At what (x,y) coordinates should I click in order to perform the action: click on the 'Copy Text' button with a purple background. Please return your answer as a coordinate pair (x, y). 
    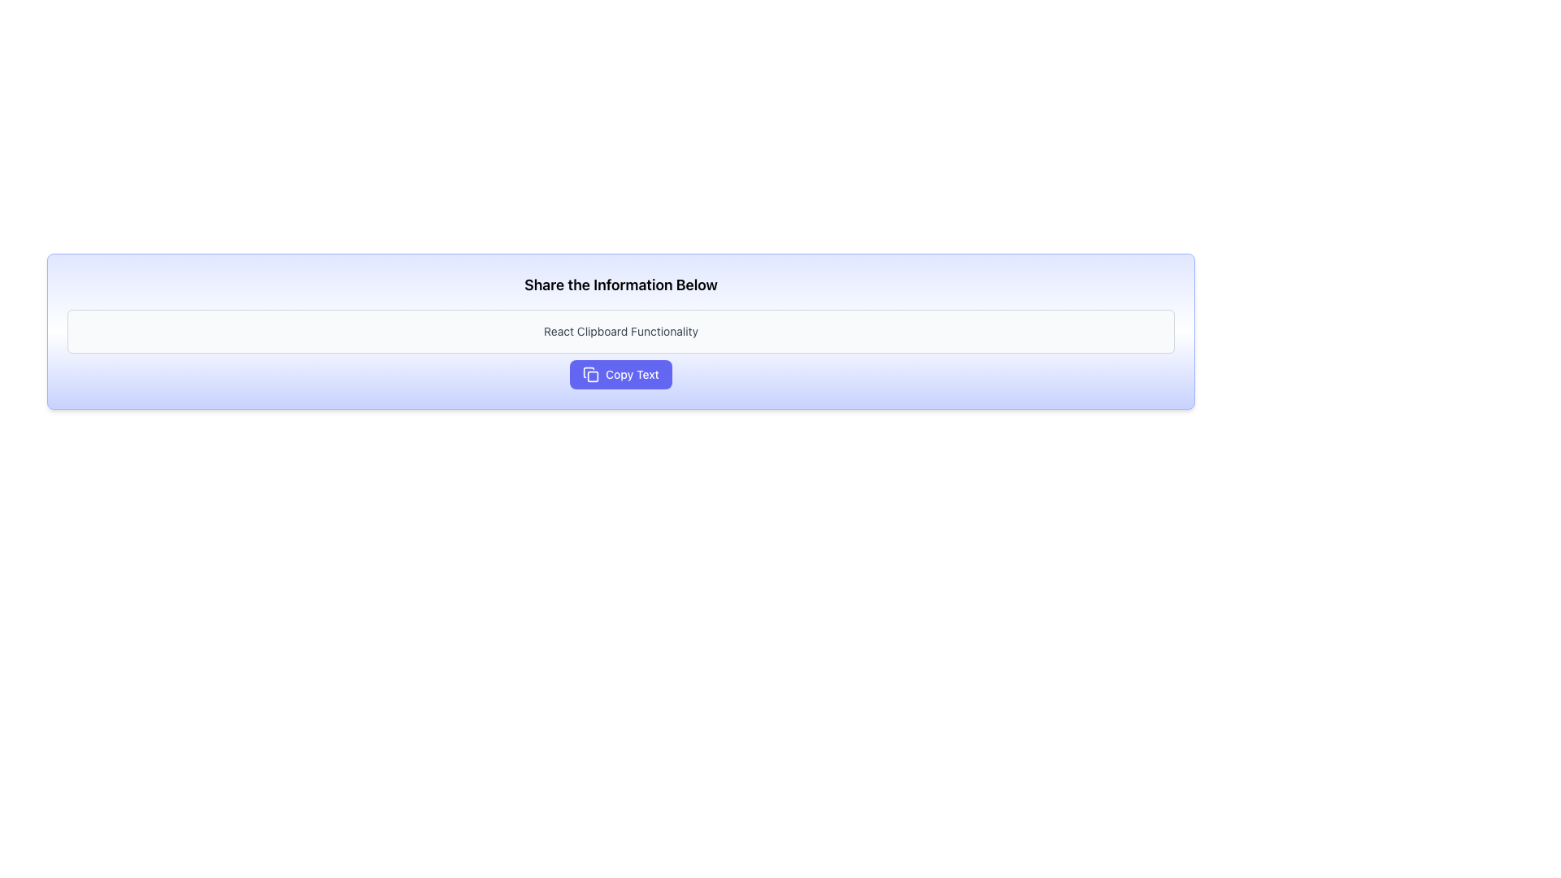
    Looking at the image, I should click on (620, 375).